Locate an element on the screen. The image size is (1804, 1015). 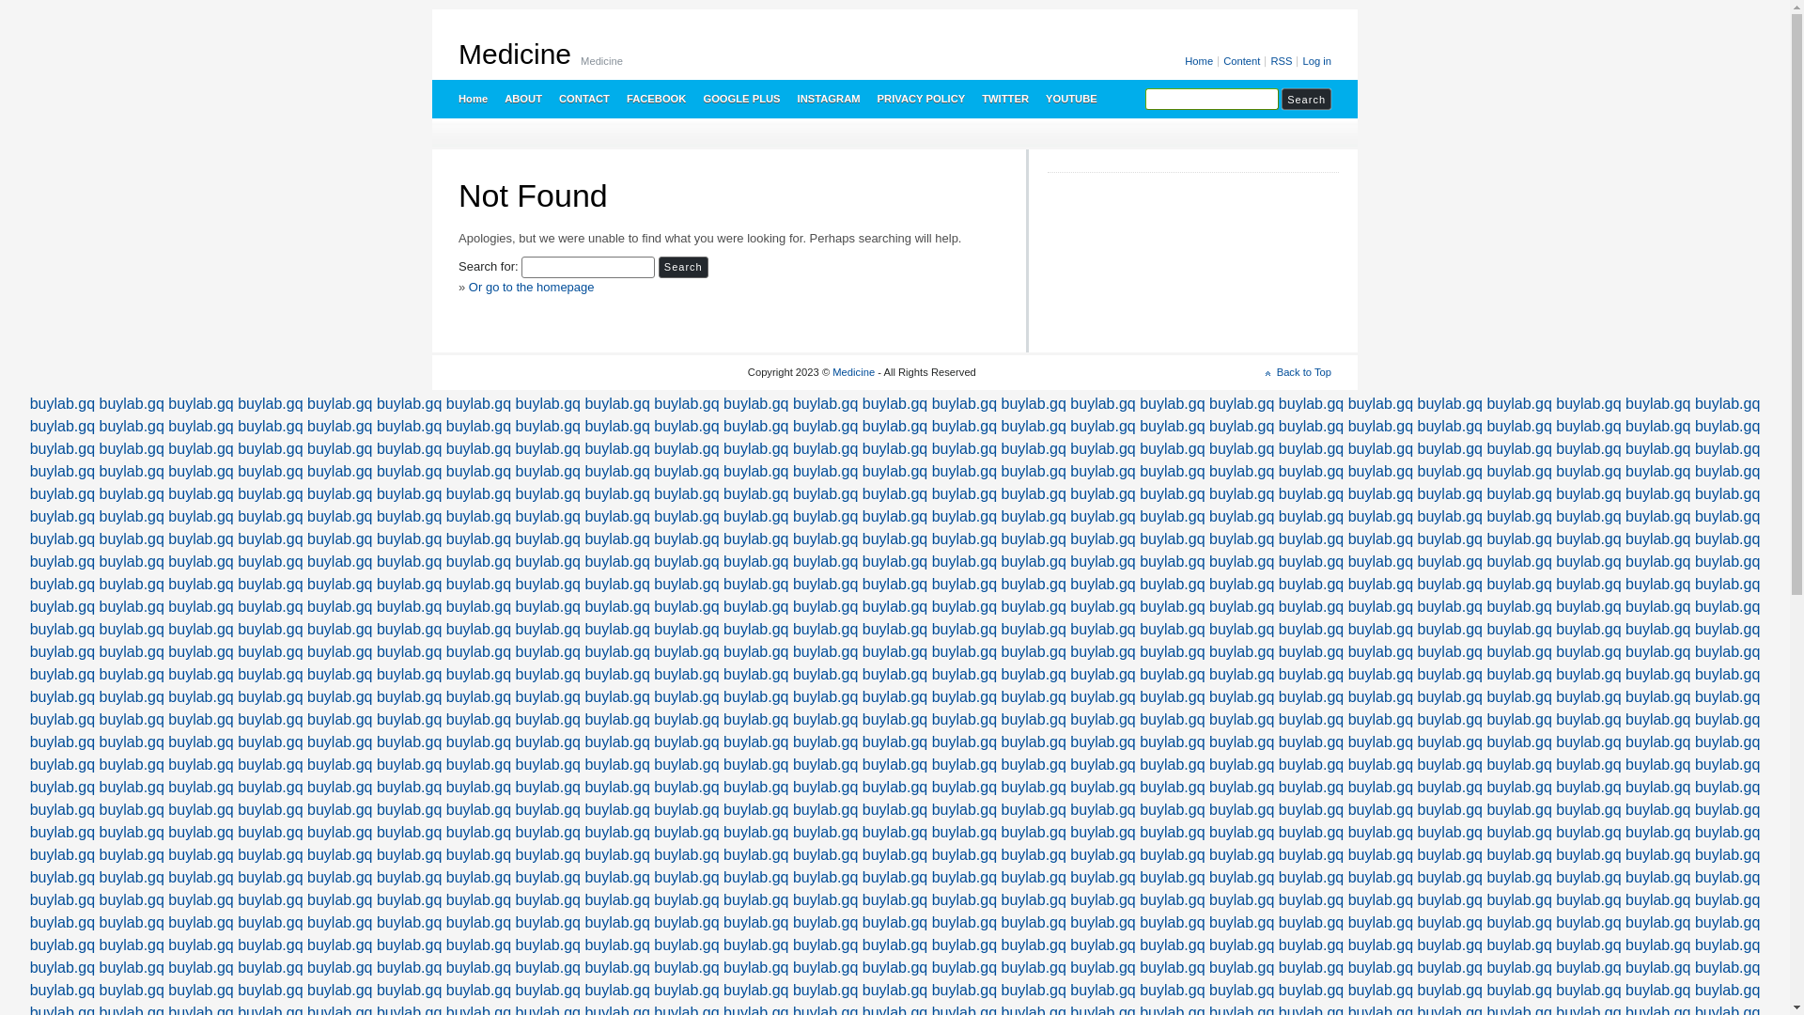
'Or go to the homepage' is located at coordinates (531, 287).